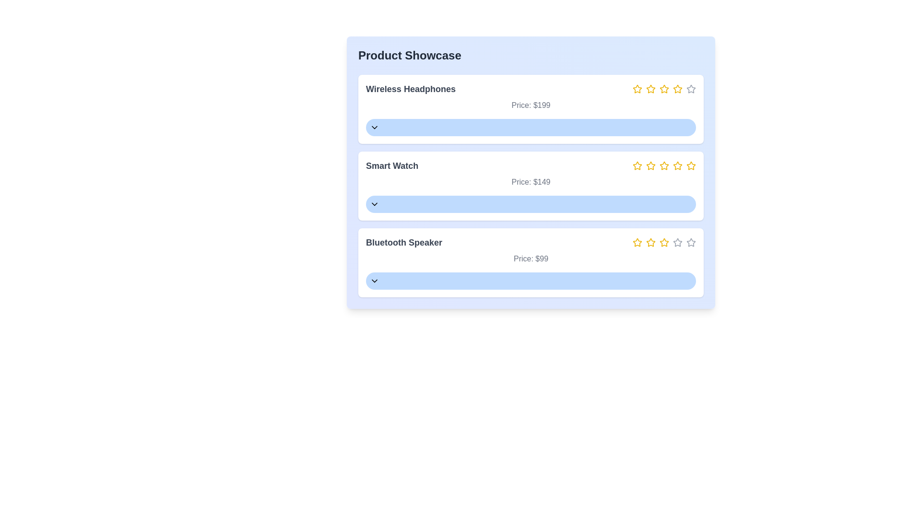 This screenshot has height=518, width=921. Describe the element at coordinates (638, 165) in the screenshot. I see `the second star icon in the five-star rating system for the 'Smart Watch' product` at that location.